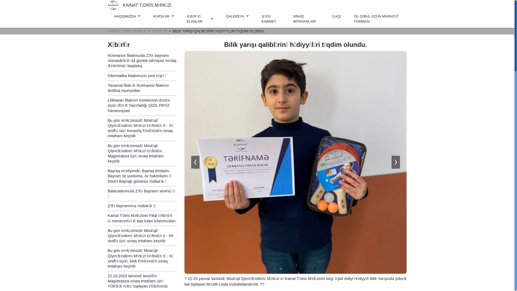  What do you see at coordinates (163, 16) in the screenshot?
I see `'KURSLAR'` at bounding box center [163, 16].